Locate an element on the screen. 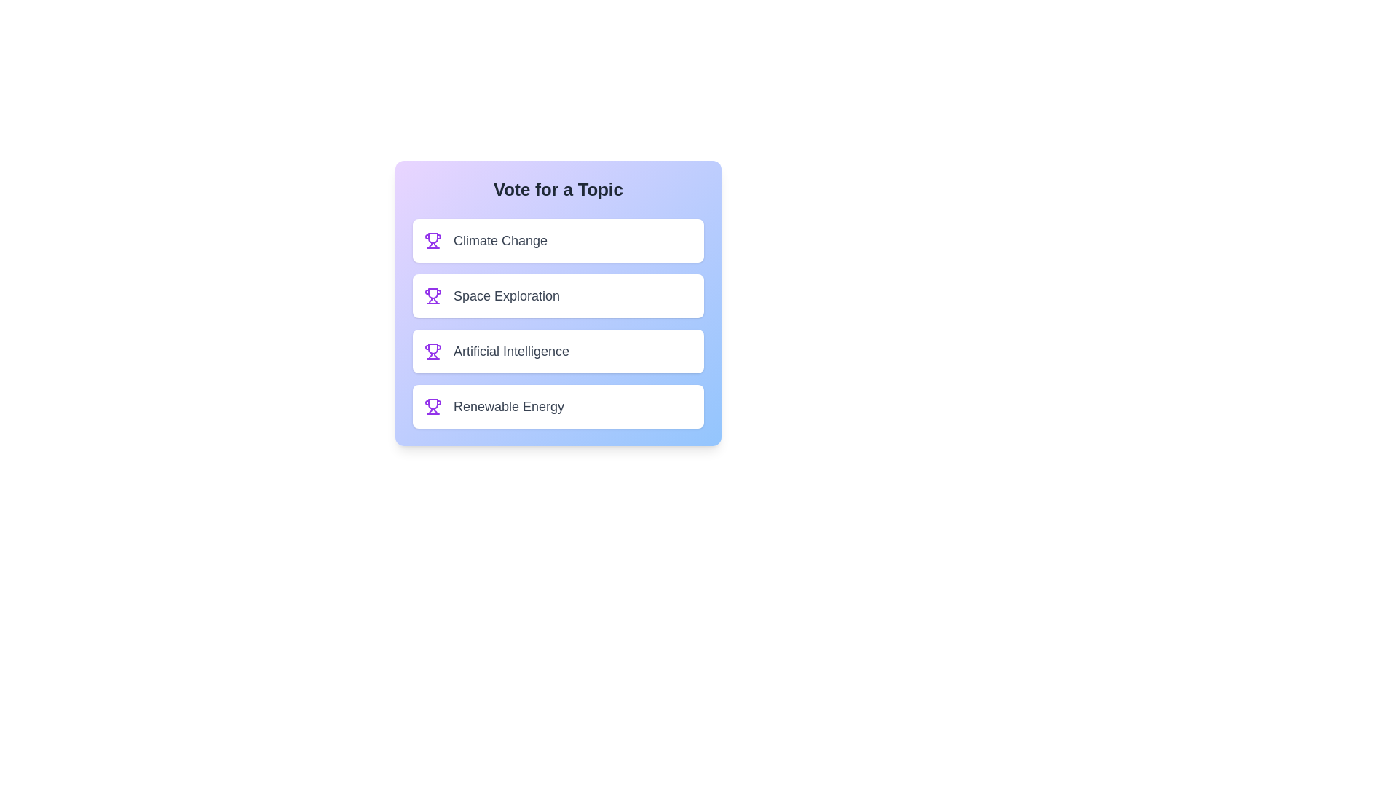 This screenshot has height=786, width=1398. the 'Artificial Intelligence' icon in the 'Vote for a Topic' list, which is the third option and located on the left side adjacent to the text label is located at coordinates (433, 348).